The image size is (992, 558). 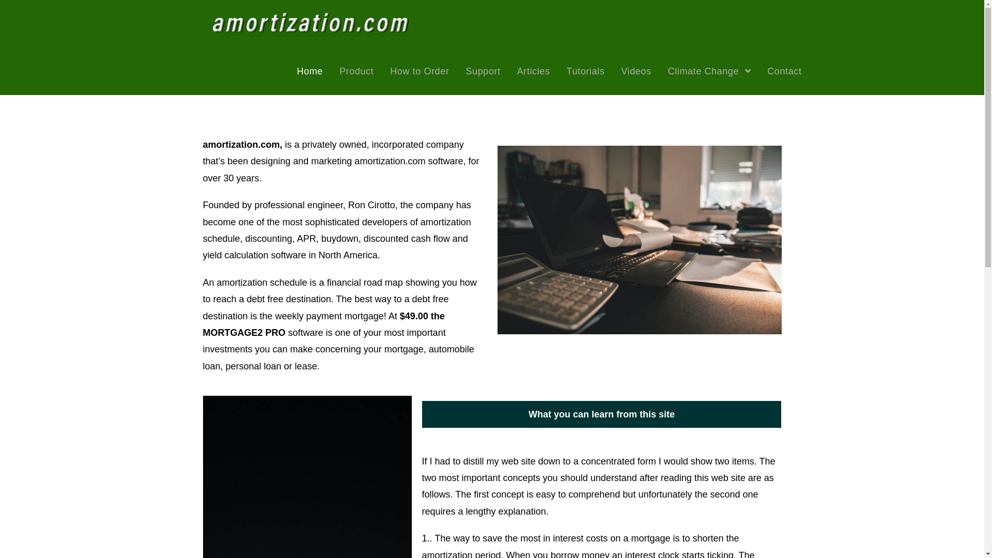 I want to click on 'Contact', so click(x=784, y=71).